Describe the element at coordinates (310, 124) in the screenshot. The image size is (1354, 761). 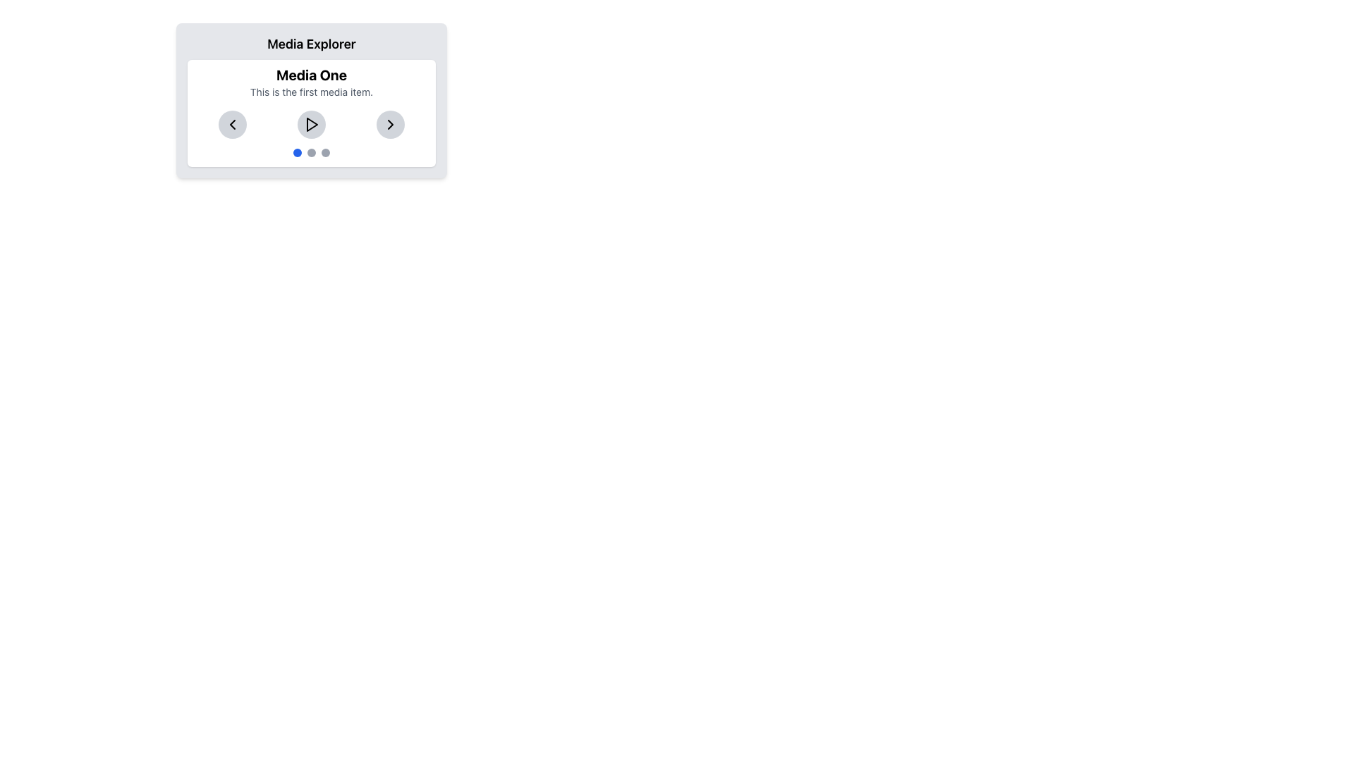
I see `the play button located in the center section of the Navigation Control Bar below the 'Media One' title` at that location.